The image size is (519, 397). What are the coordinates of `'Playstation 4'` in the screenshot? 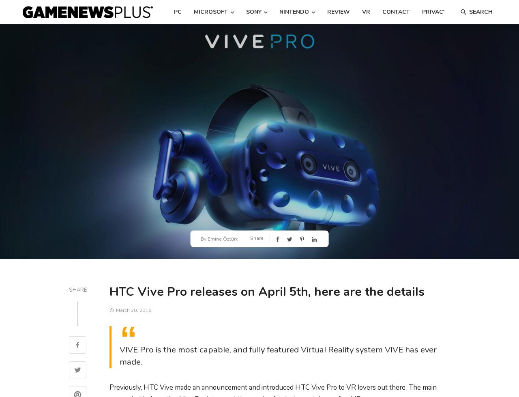 It's located at (247, 38).